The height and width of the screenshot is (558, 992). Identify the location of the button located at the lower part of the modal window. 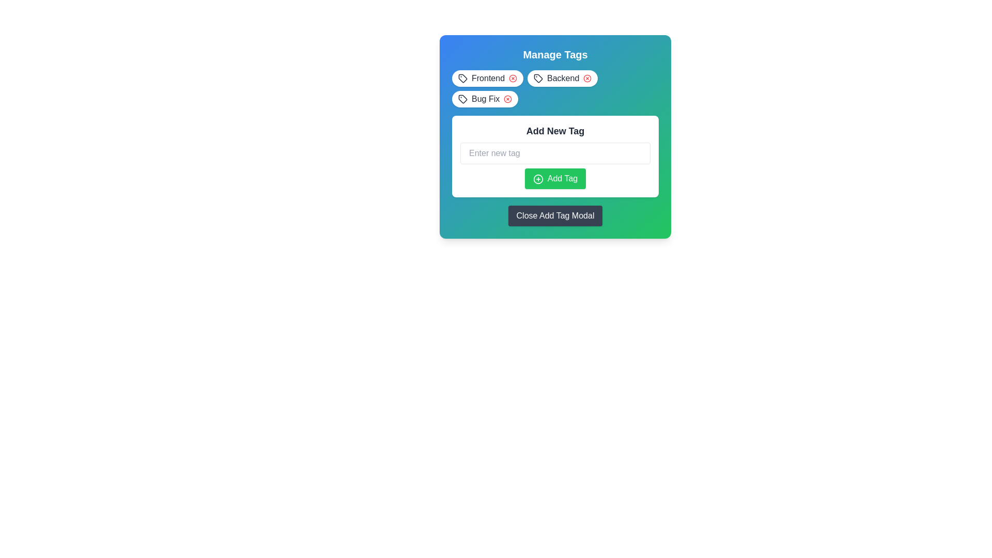
(555, 215).